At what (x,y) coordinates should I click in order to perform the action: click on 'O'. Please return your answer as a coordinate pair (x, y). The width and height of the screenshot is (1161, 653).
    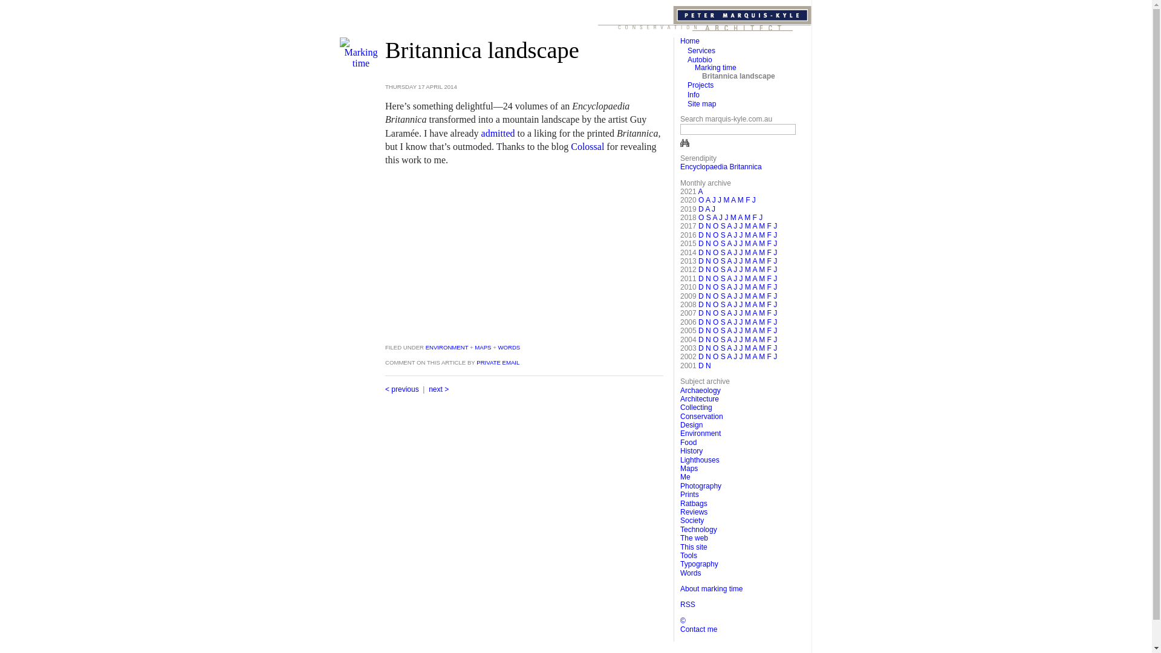
    Looking at the image, I should click on (701, 216).